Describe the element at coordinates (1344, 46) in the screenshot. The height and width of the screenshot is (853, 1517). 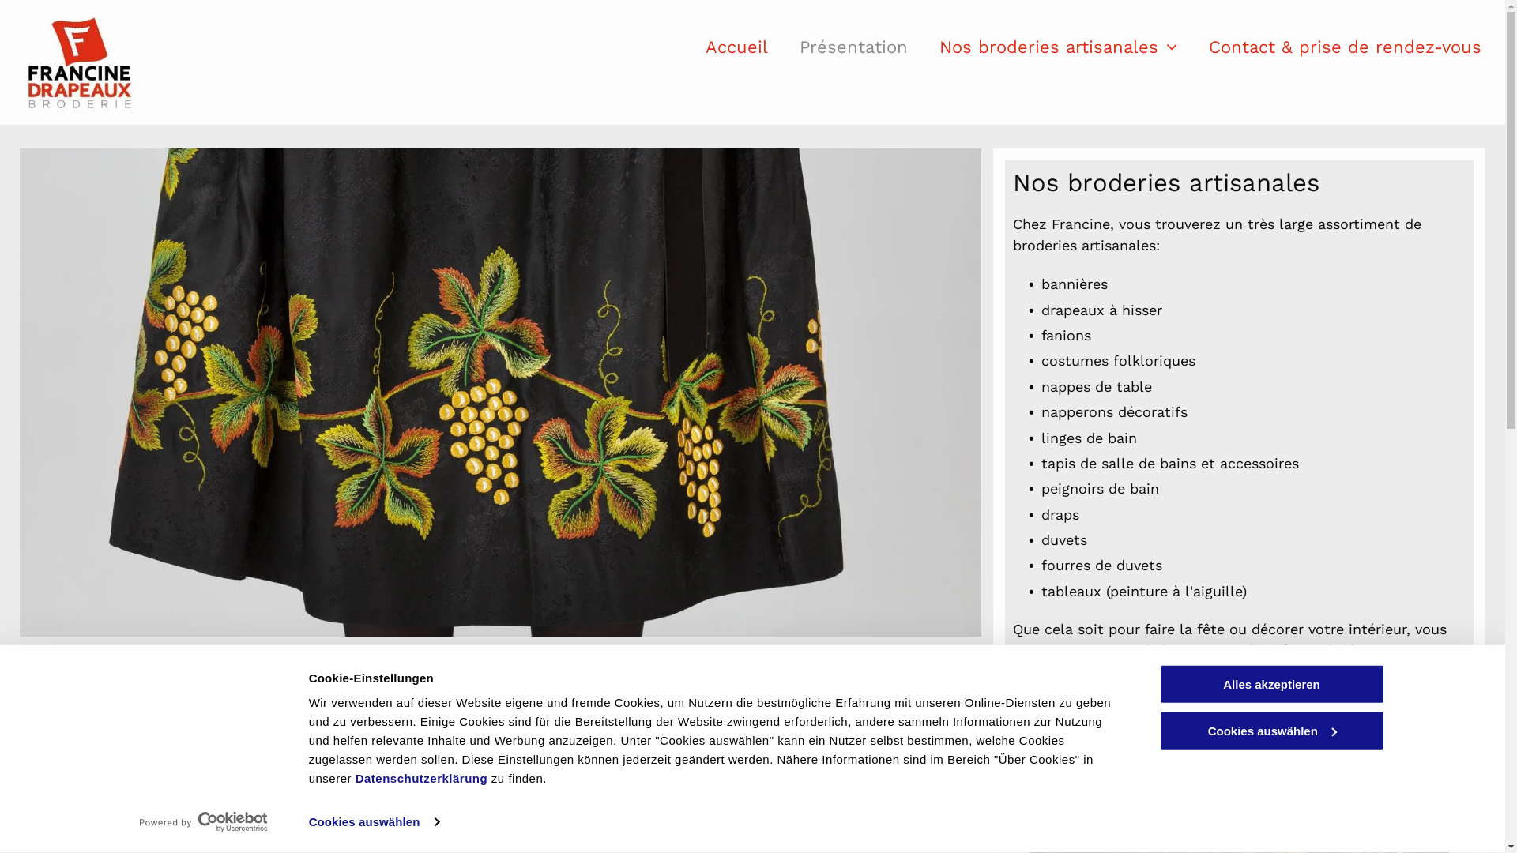
I see `'Contact & prise de rendez-vous'` at that location.